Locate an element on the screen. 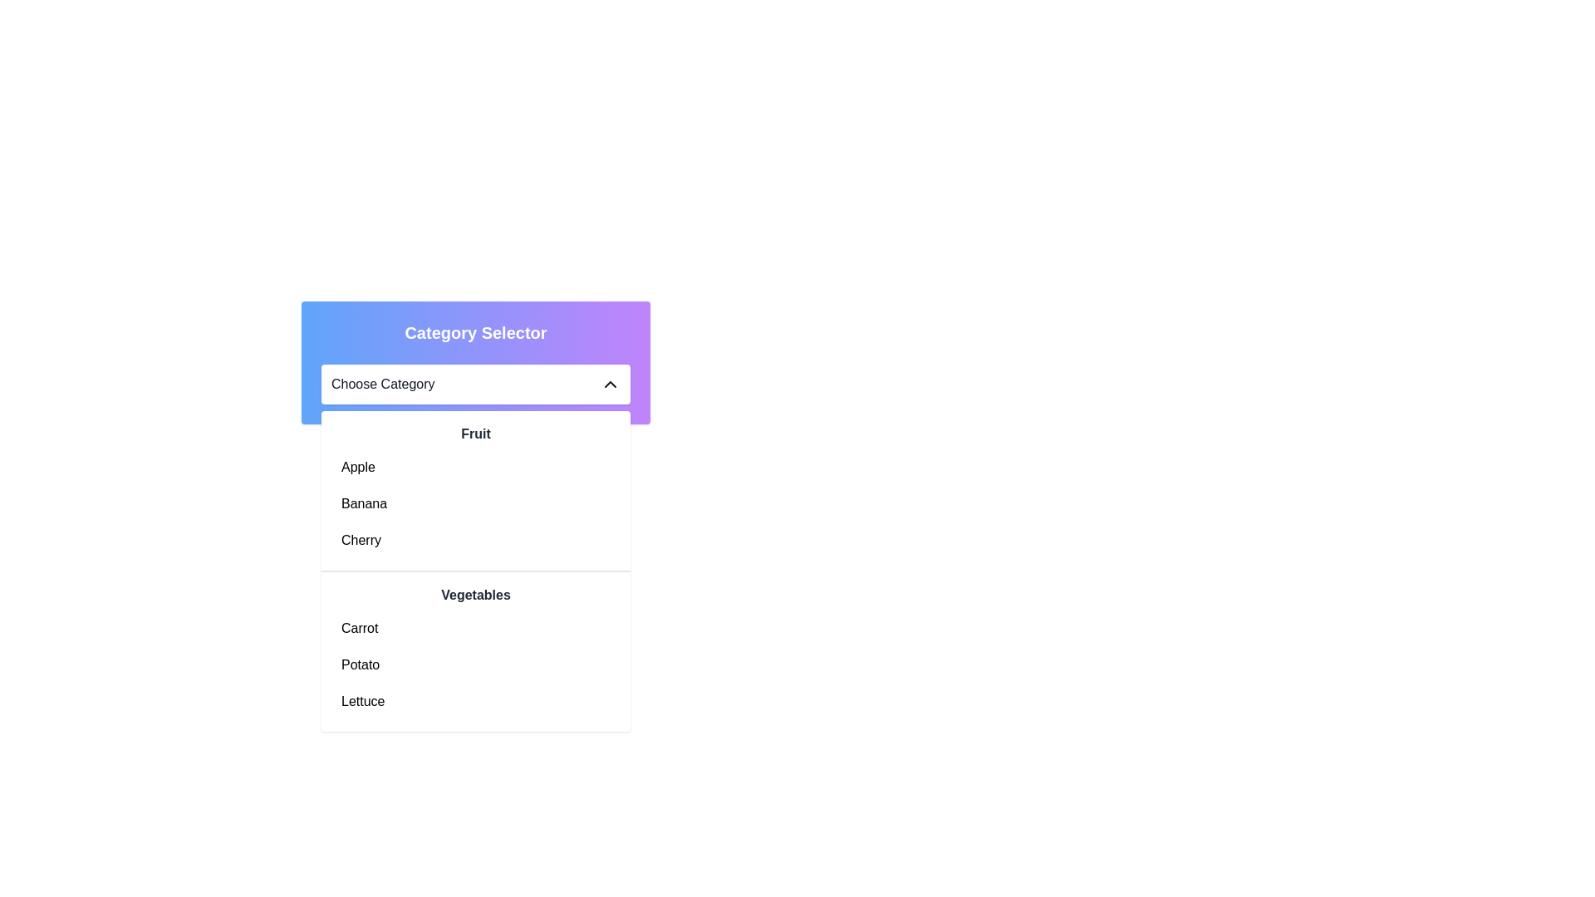  the item in the 'Vegetables' category list located at the bottom of the dropdown menu is located at coordinates (474, 664).